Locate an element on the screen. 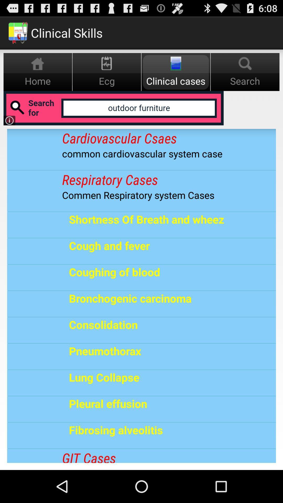 This screenshot has height=503, width=283. the text and image left to ecg is located at coordinates (37, 72).